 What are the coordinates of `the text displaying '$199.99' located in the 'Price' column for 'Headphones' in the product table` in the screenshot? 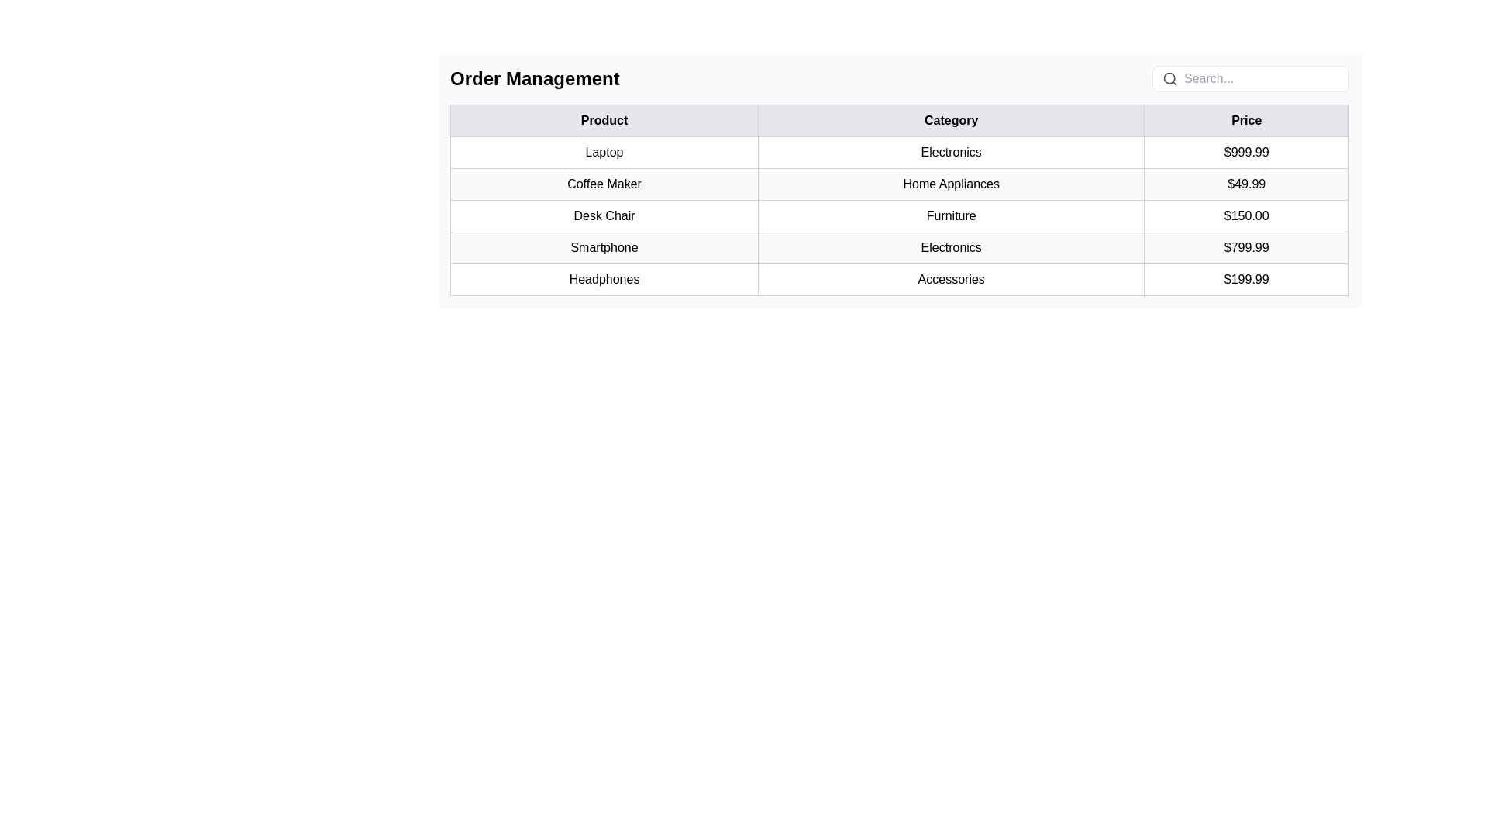 It's located at (1246, 280).